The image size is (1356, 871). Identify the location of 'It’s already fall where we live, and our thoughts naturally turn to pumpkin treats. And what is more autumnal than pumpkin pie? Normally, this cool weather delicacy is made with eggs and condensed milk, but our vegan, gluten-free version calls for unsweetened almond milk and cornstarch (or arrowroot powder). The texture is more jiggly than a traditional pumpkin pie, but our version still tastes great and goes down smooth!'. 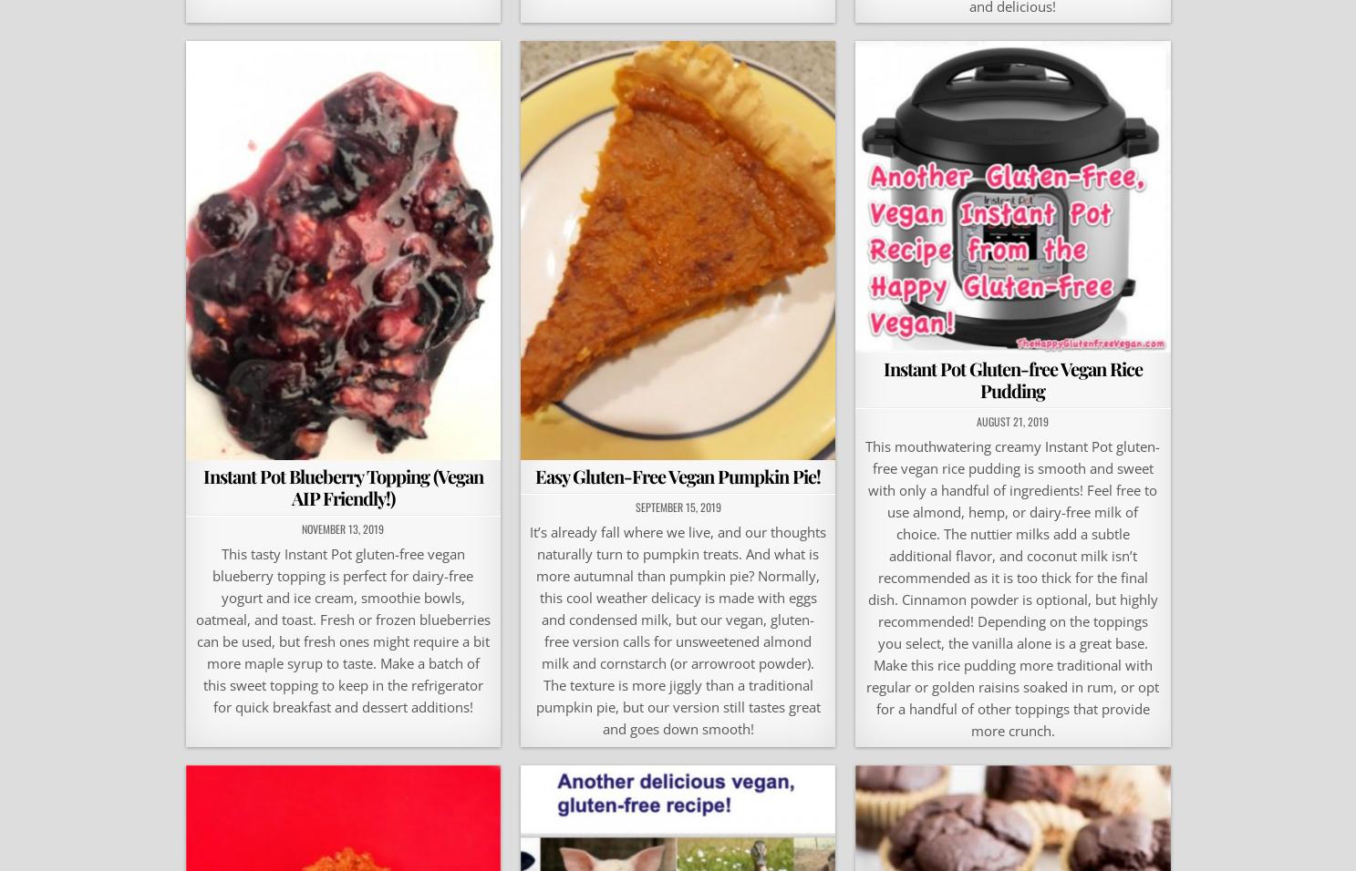
(677, 630).